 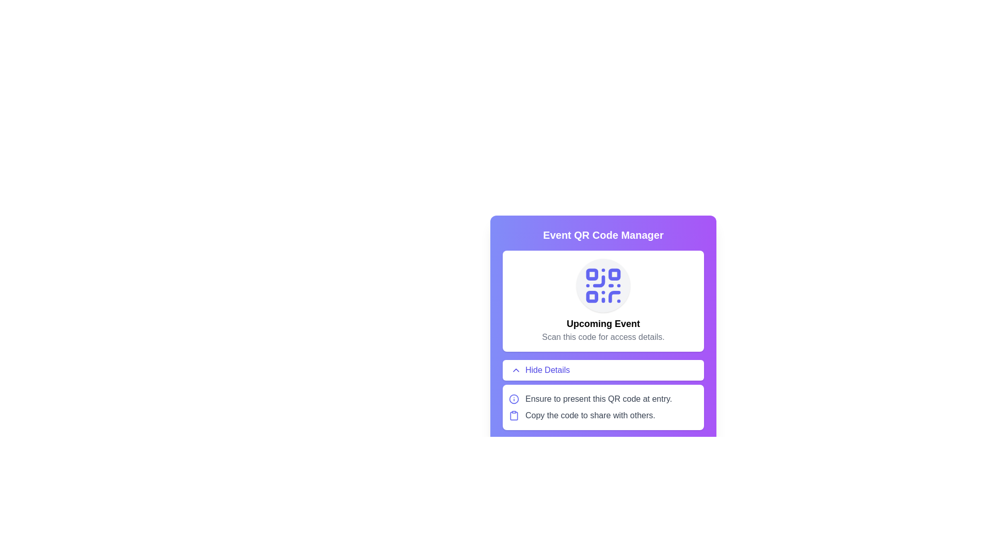 What do you see at coordinates (592, 274) in the screenshot?
I see `the top-left filled square of the QR code design within the 'Event QR Code Manager' interface` at bounding box center [592, 274].